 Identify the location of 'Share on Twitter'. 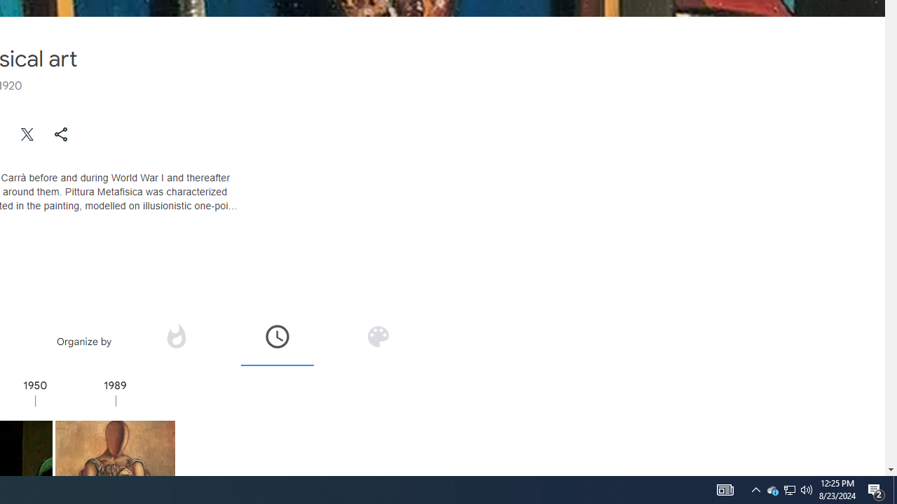
(27, 134).